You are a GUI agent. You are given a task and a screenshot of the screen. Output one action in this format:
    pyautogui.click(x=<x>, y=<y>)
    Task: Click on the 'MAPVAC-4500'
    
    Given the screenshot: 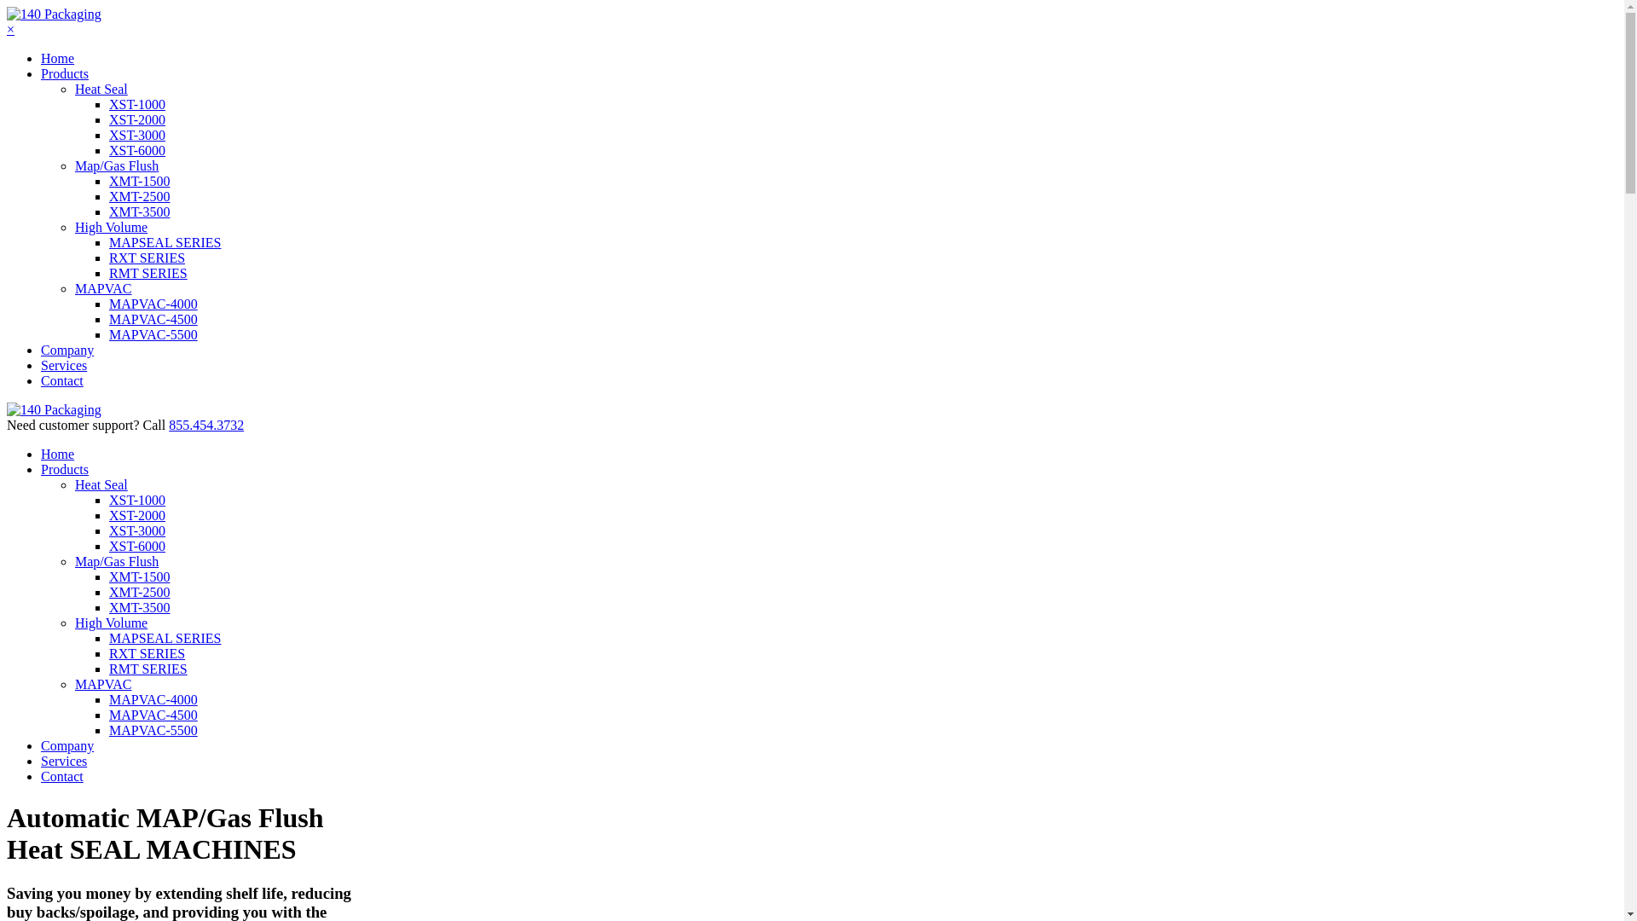 What is the action you would take?
    pyautogui.click(x=153, y=319)
    